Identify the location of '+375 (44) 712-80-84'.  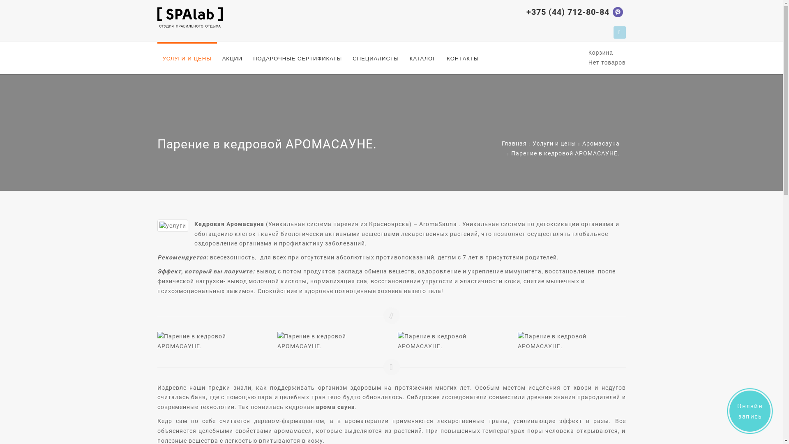
(526, 12).